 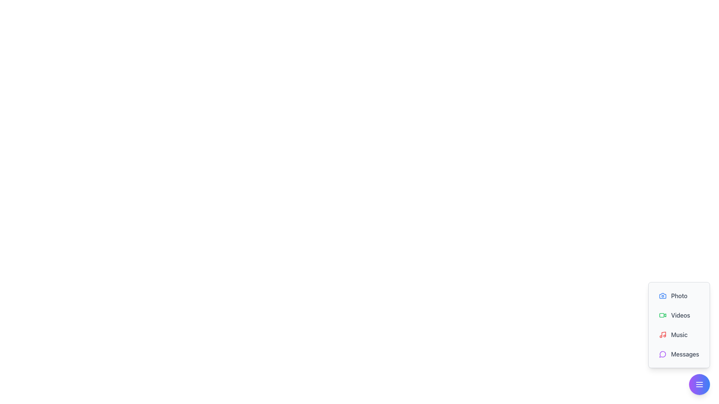 I want to click on the video-related icon located in the 'Videos' list item in the side menu, which is centered vertically with respect to the text label 'Videos.', so click(x=663, y=315).